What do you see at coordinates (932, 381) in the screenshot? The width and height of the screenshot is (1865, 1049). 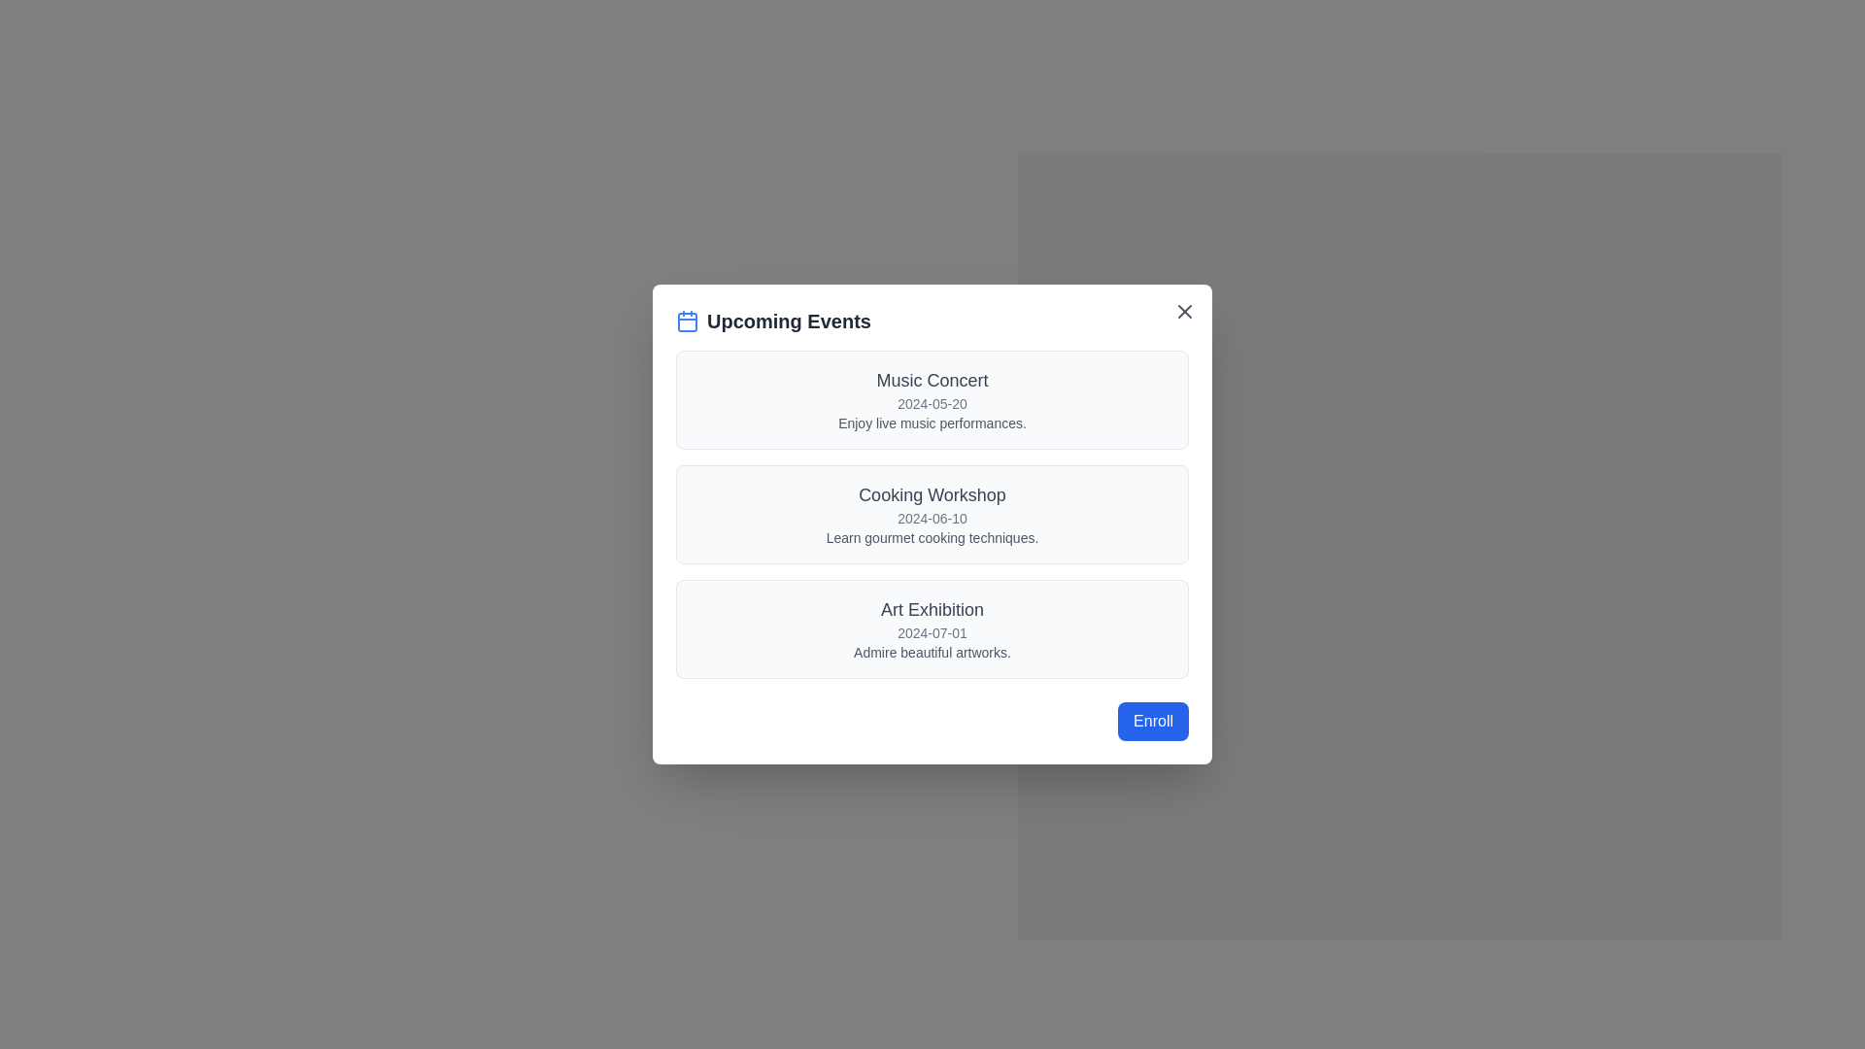 I see `the 'Music Concert' text label located at the center of the event card in the 'Upcoming Events' dialog box, which serves as a title for the music event` at bounding box center [932, 381].